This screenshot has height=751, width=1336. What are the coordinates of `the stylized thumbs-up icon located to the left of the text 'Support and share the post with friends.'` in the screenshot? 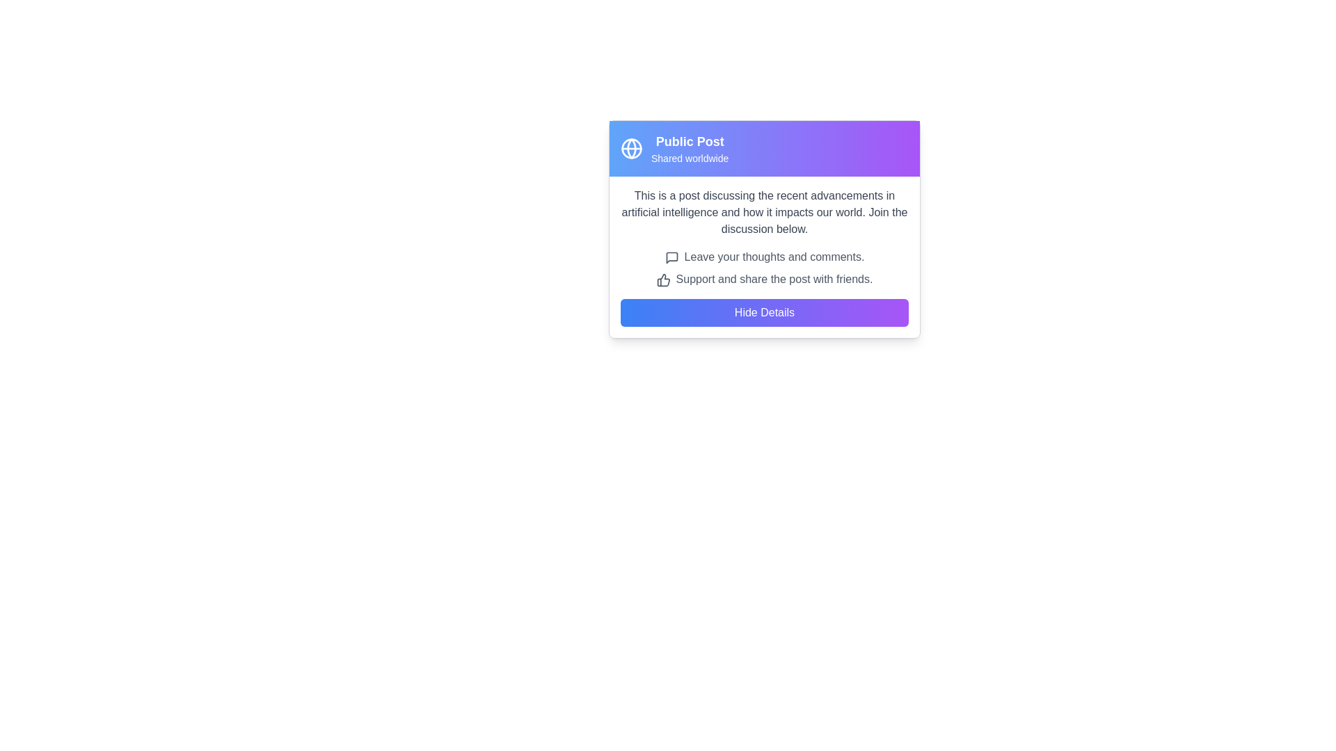 It's located at (662, 280).